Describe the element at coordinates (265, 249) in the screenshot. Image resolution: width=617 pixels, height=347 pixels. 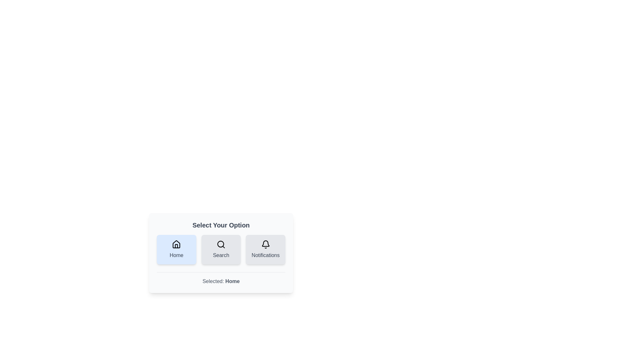
I see `the button labeled 'Notifications' to observe its hover effect` at that location.